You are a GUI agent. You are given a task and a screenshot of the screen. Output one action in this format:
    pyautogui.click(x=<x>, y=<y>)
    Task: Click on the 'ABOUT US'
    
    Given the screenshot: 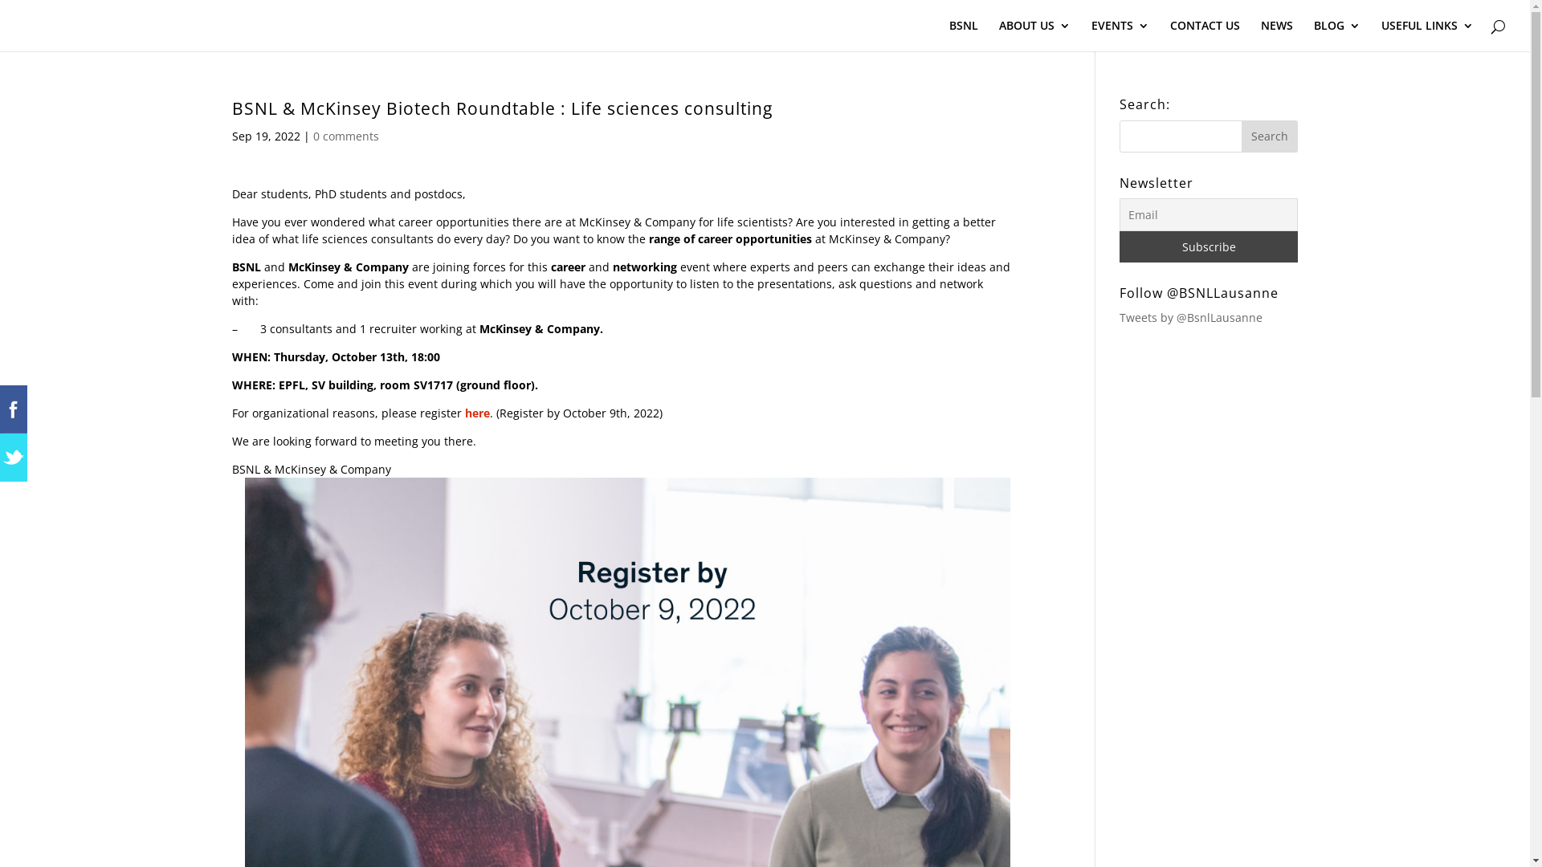 What is the action you would take?
    pyautogui.click(x=1034, y=35)
    